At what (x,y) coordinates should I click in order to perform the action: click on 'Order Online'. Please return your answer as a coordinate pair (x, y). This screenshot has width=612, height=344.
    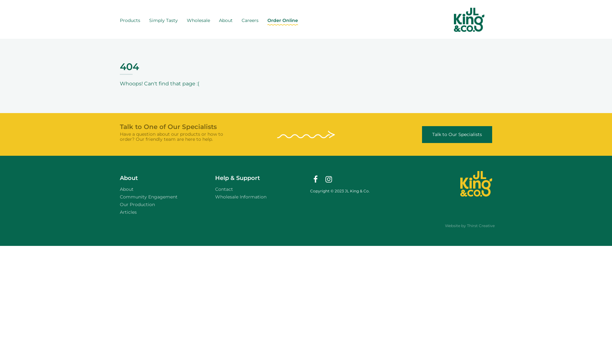
    Looking at the image, I should click on (282, 20).